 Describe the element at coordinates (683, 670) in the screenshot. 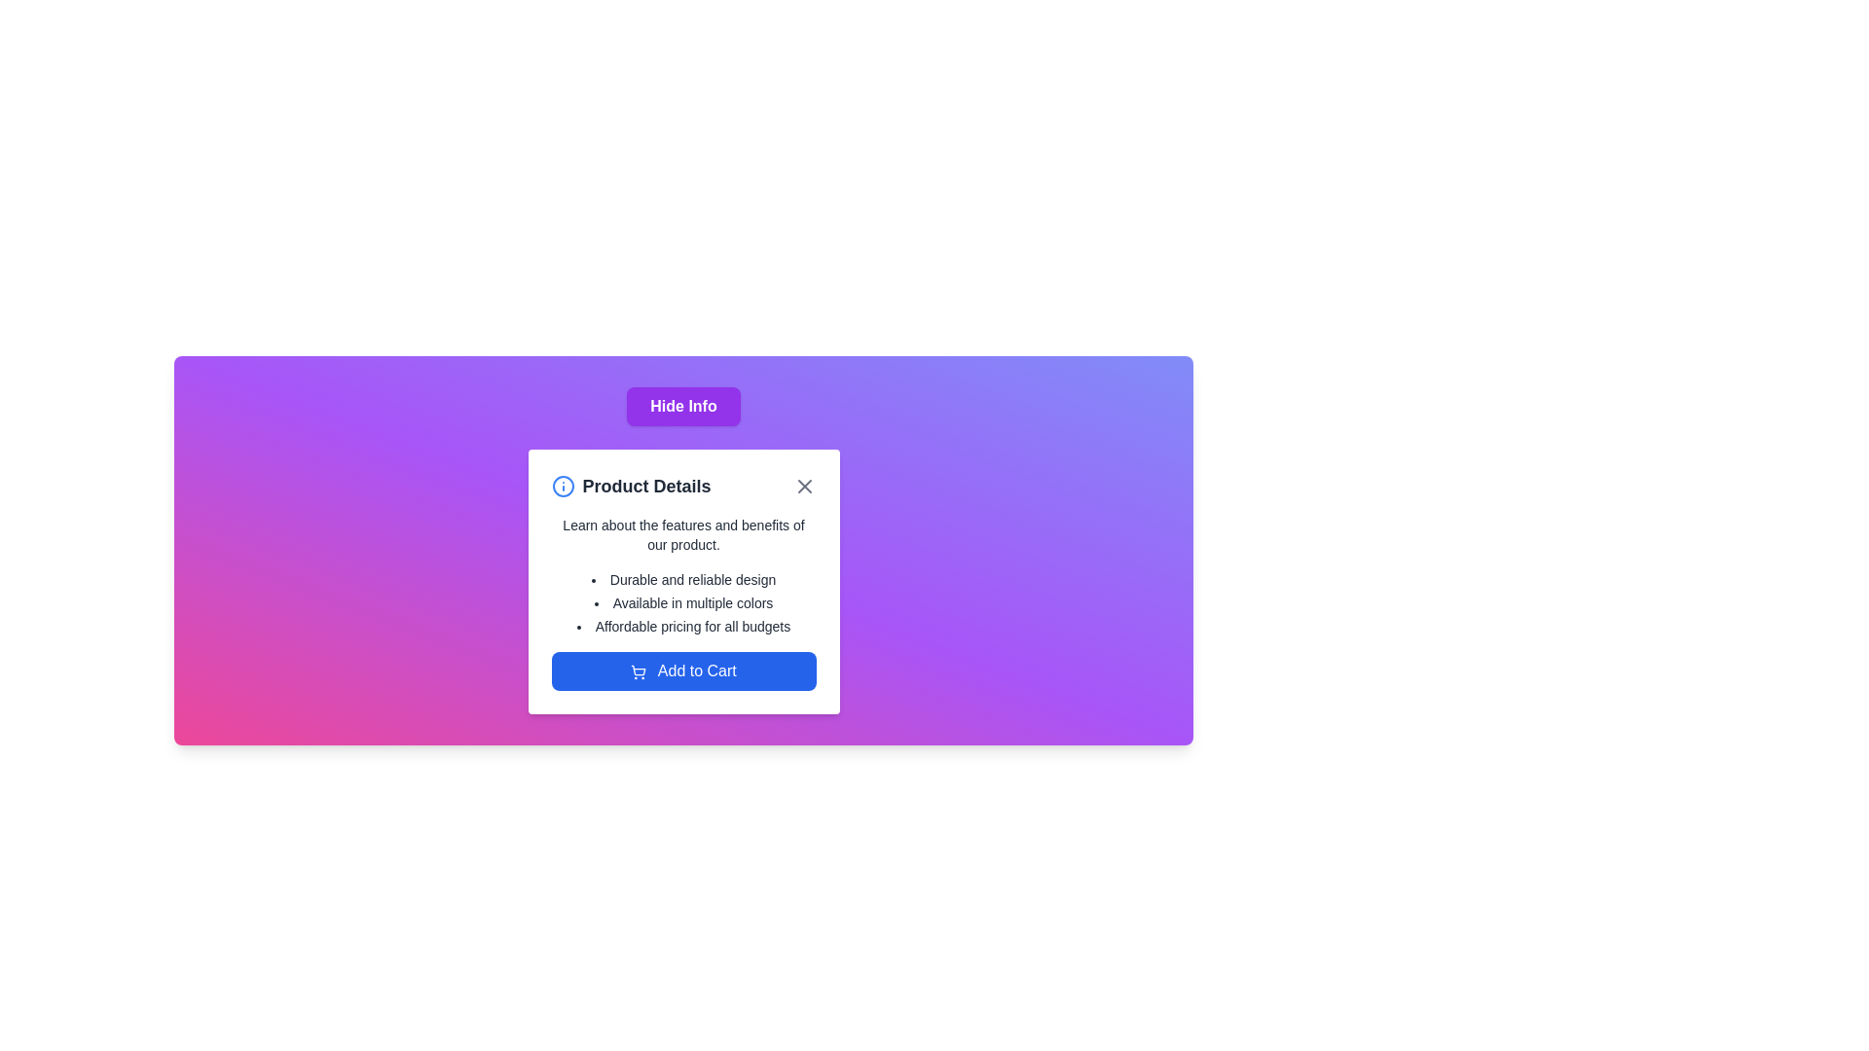

I see `the 'Add to Cart' button, which is a rectangular button with a blue background, white text, and a shopping cart icon, located at the bottom of the product details card` at that location.